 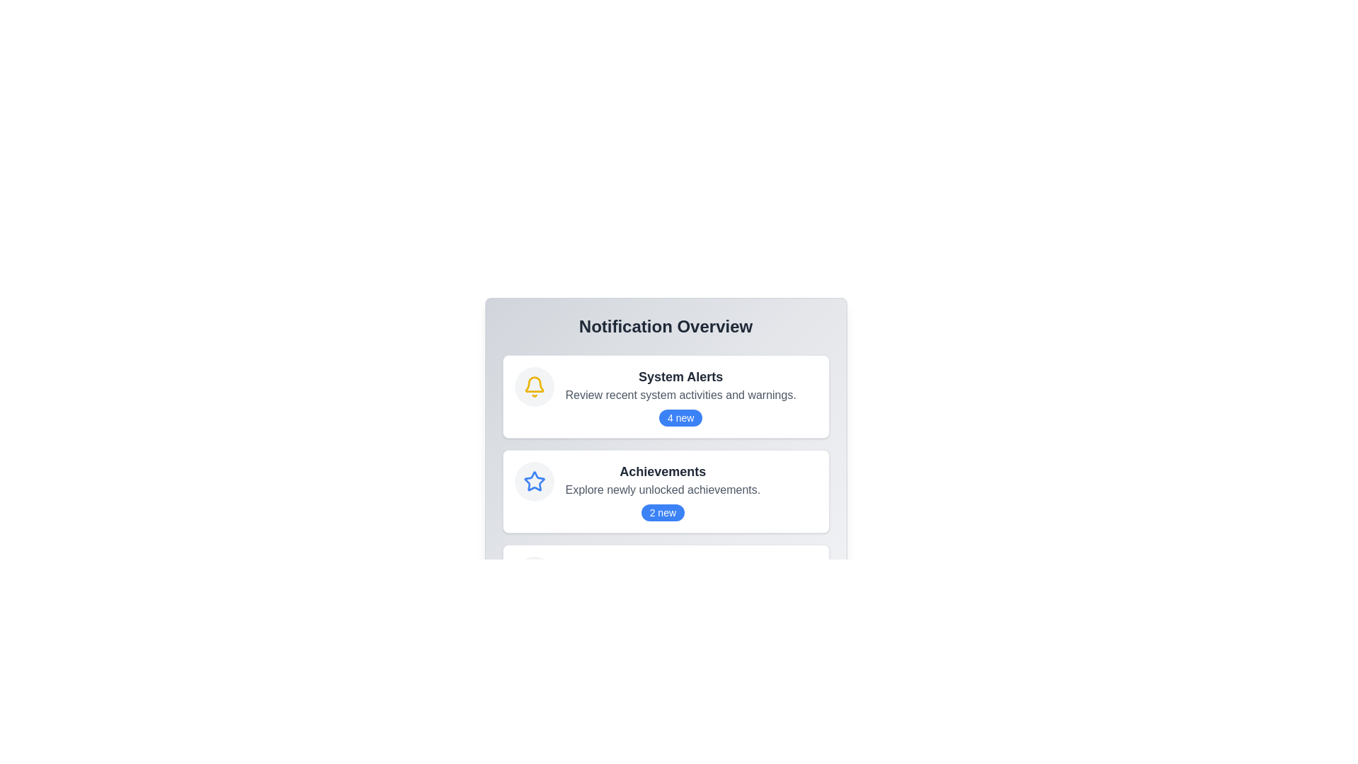 What do you see at coordinates (533, 481) in the screenshot?
I see `the circular badge with a gray background and blue star icon located in the 'Achievements' section card, positioned to the left of the text 'Achievements'` at bounding box center [533, 481].